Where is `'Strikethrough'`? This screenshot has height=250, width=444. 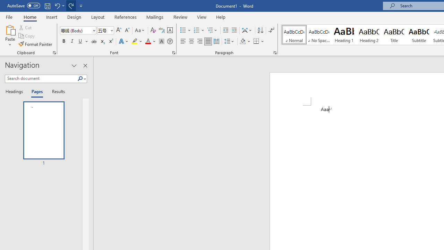
'Strikethrough' is located at coordinates (93, 41).